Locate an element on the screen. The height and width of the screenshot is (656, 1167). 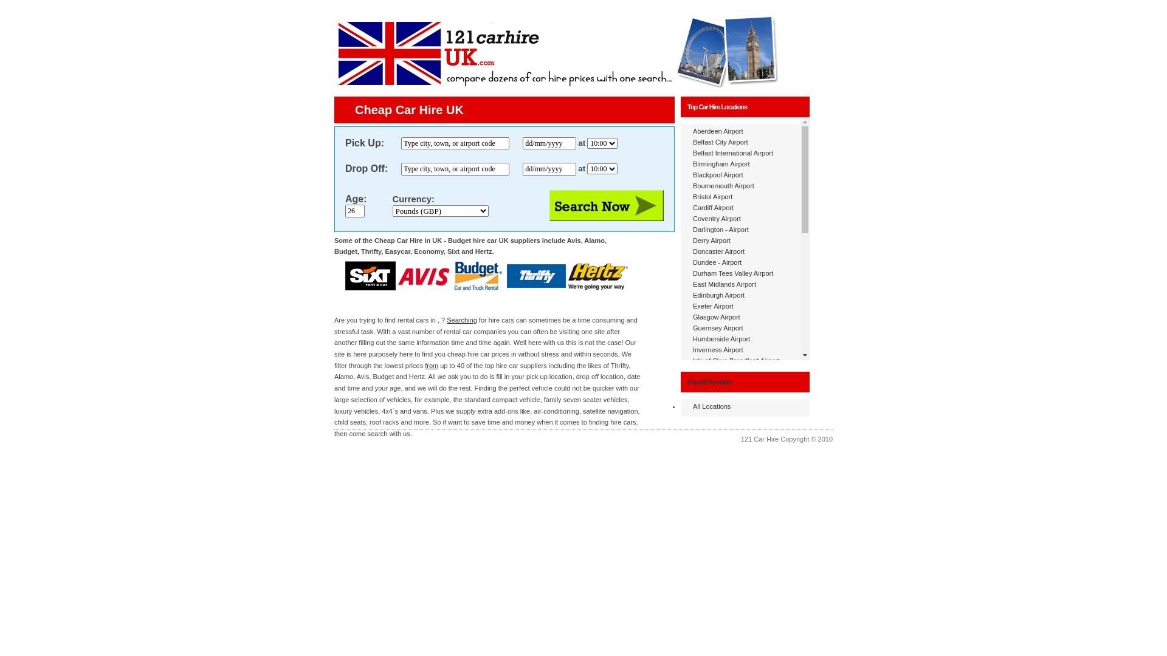
'Belfast City Airport' is located at coordinates (693, 142).